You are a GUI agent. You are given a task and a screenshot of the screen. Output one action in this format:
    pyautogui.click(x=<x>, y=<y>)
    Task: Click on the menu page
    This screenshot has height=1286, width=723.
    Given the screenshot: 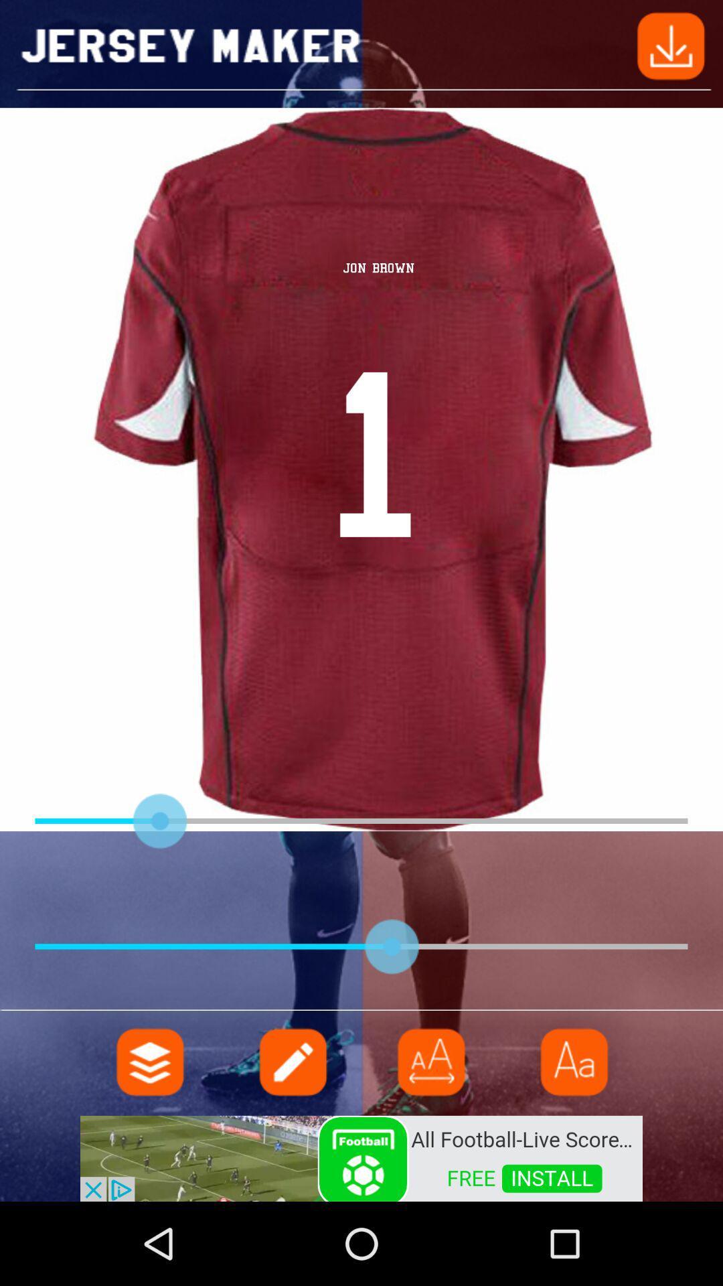 What is the action you would take?
    pyautogui.click(x=431, y=1061)
    